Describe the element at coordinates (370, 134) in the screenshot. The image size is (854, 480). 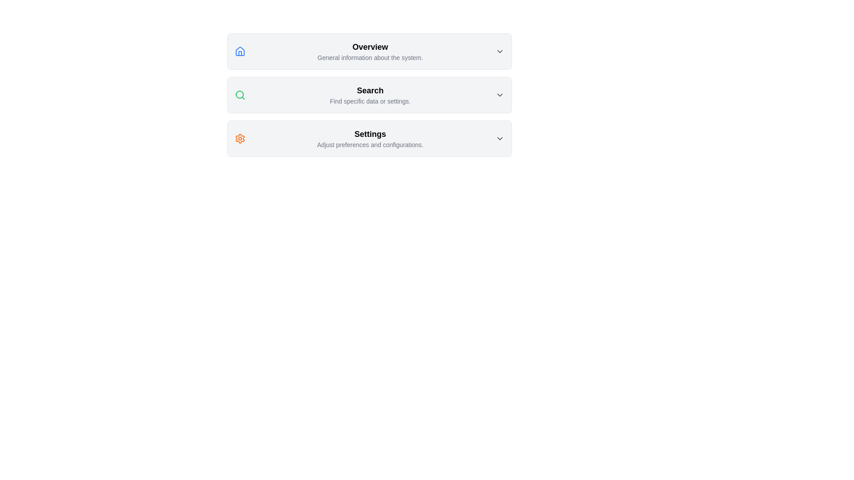
I see `the 'Settings' title text label, which is positioned above the text 'Adjust preferences and configurations'` at that location.